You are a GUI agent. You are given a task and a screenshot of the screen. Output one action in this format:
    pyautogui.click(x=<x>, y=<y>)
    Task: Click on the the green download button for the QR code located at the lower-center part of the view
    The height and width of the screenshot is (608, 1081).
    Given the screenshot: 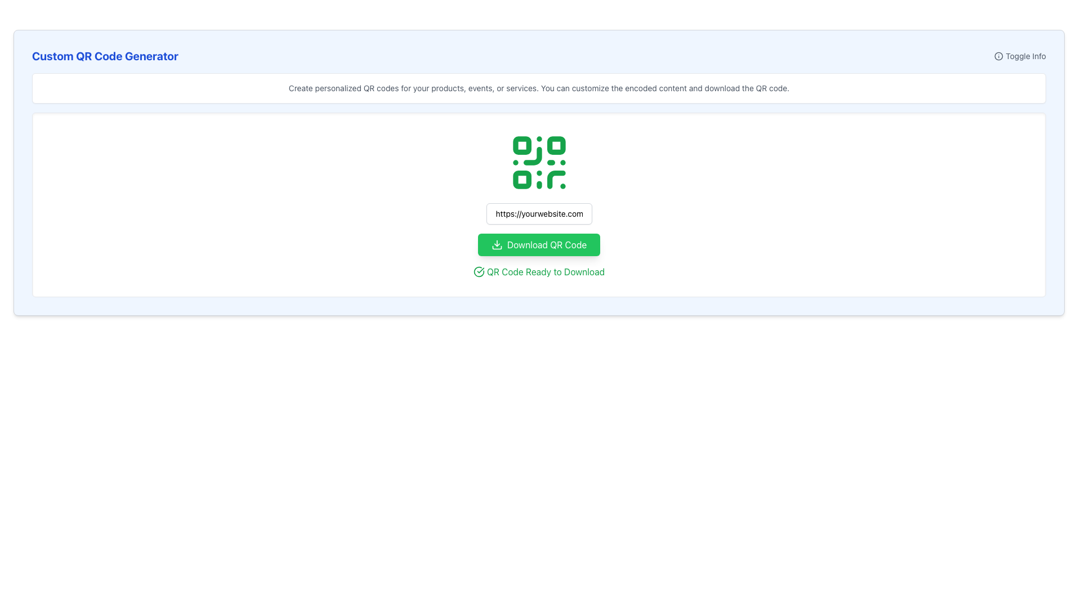 What is the action you would take?
    pyautogui.click(x=496, y=244)
    